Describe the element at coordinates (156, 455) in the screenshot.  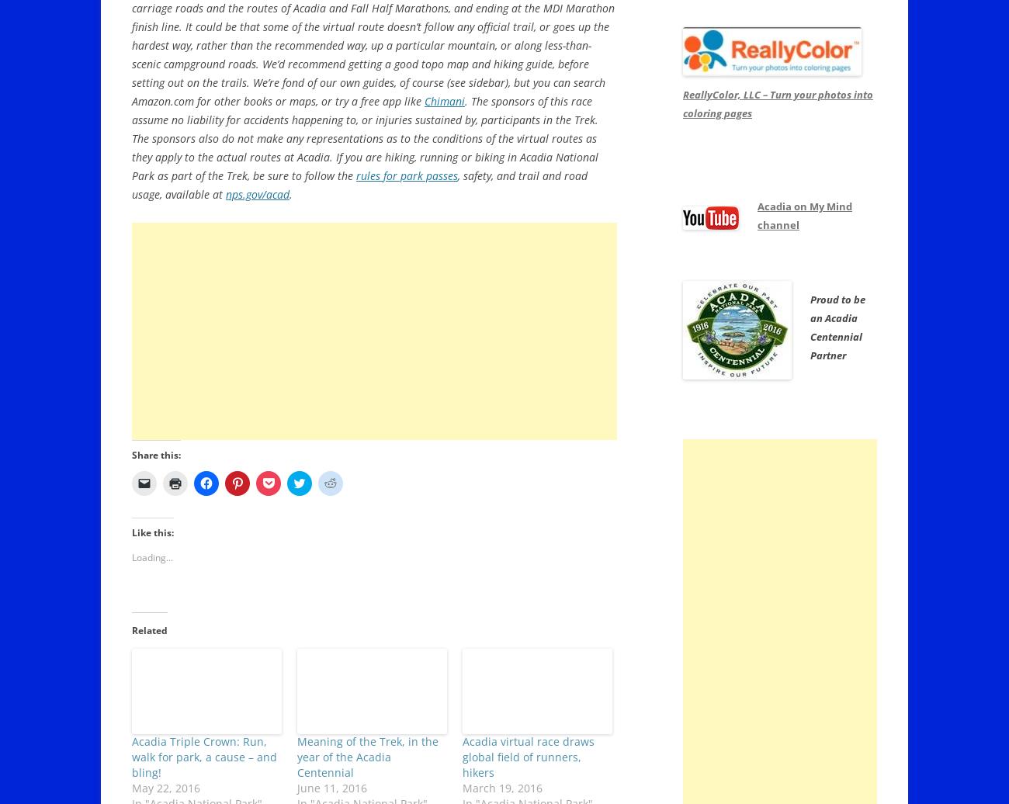
I see `'Share this:'` at that location.